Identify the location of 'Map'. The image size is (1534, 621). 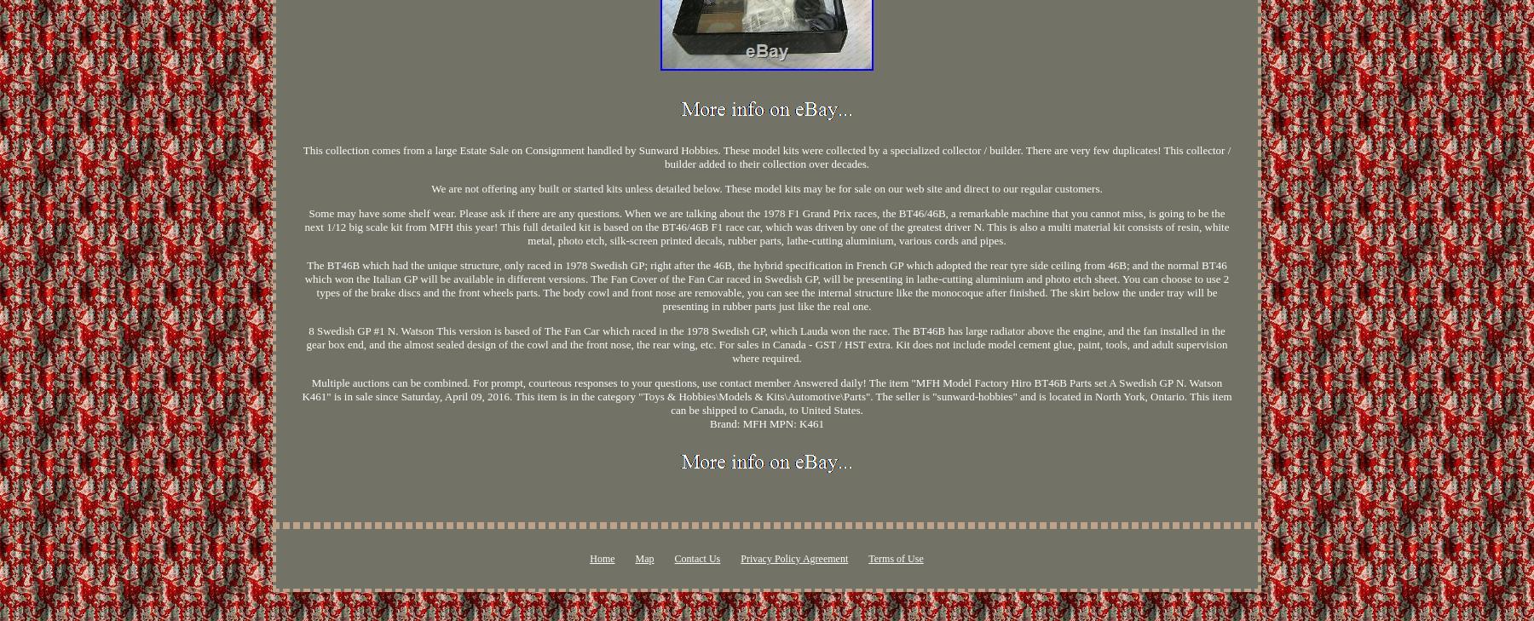
(643, 558).